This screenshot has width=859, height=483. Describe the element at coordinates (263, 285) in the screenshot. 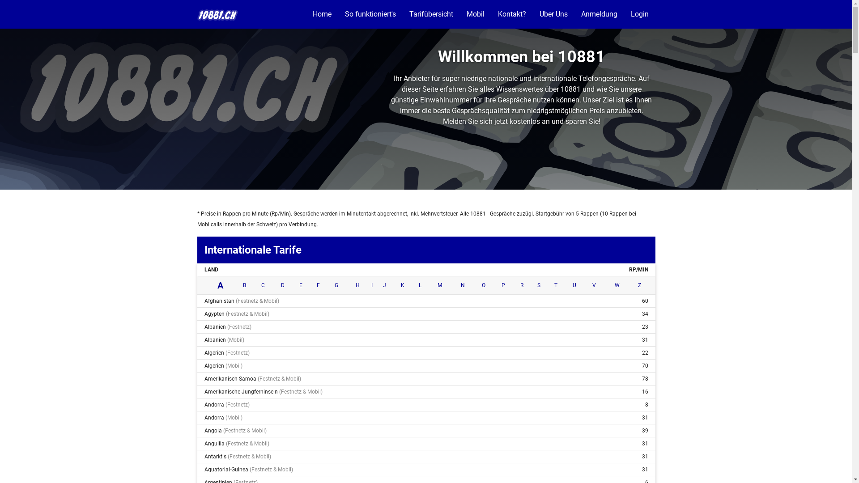

I see `'C'` at that location.